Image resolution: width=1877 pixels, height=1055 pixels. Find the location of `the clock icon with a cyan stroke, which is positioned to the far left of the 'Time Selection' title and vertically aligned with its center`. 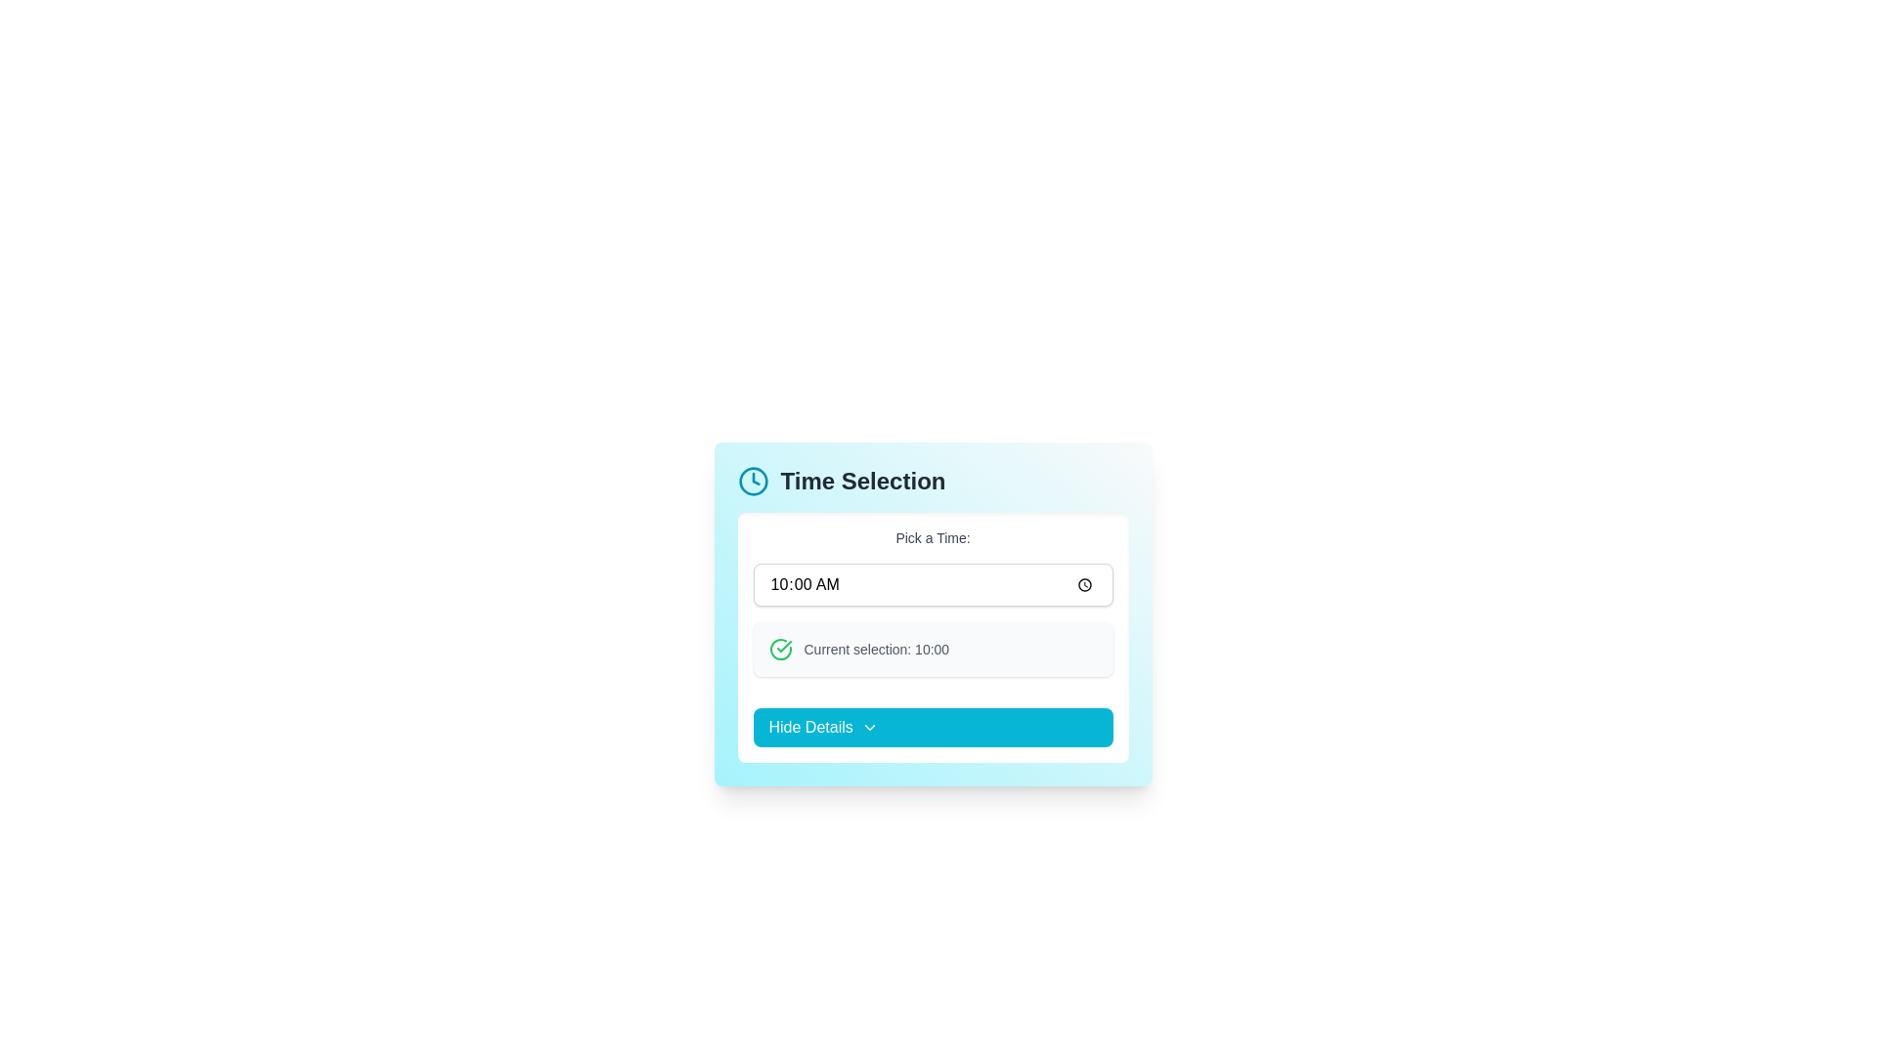

the clock icon with a cyan stroke, which is positioned to the far left of the 'Time Selection' title and vertically aligned with its center is located at coordinates (752, 482).